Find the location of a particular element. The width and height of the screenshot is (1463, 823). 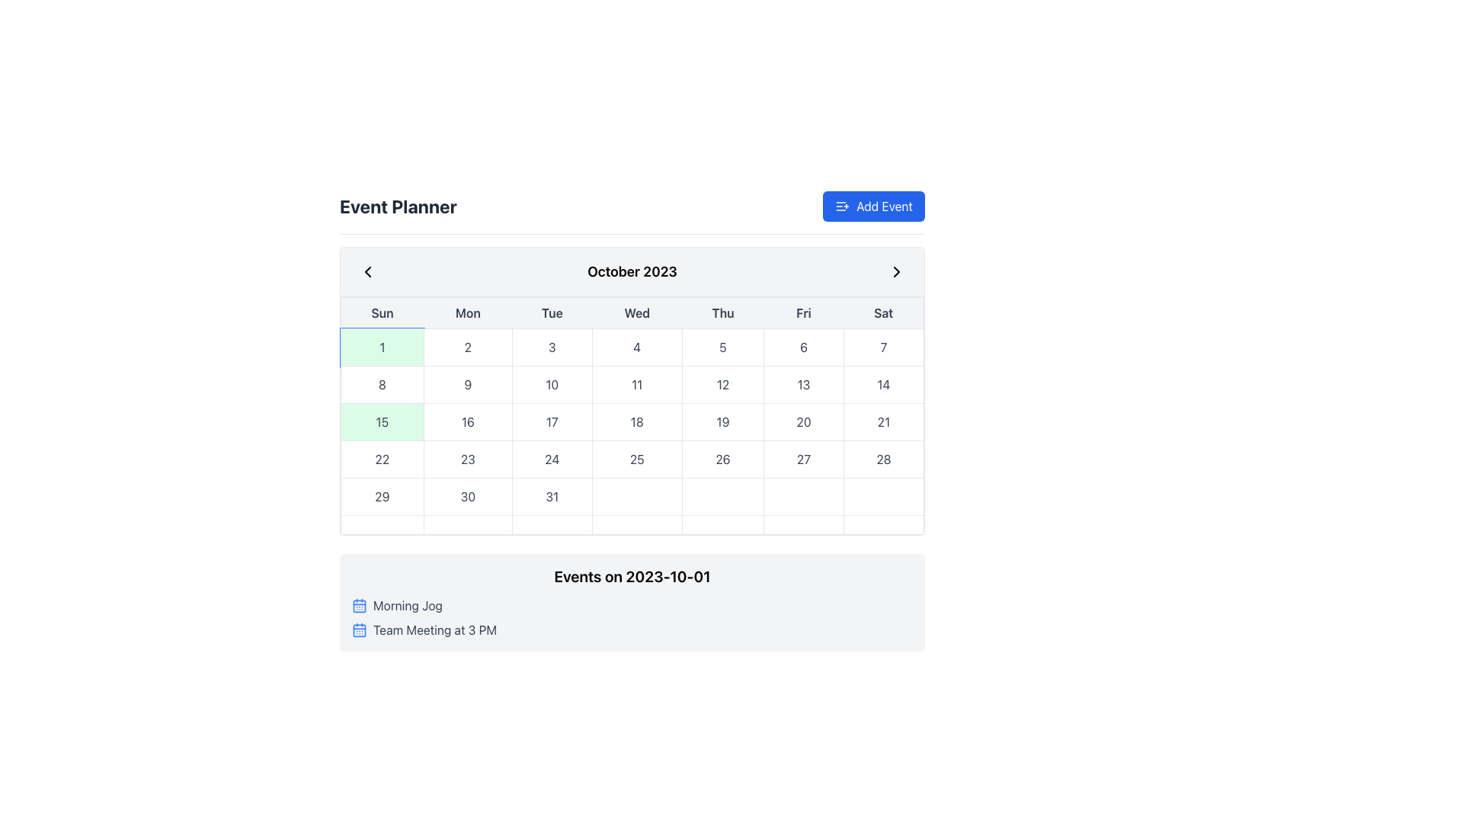

to select the date represented by the first element in the second row under the 'Sun' column in the calendar interface is located at coordinates (382, 384).